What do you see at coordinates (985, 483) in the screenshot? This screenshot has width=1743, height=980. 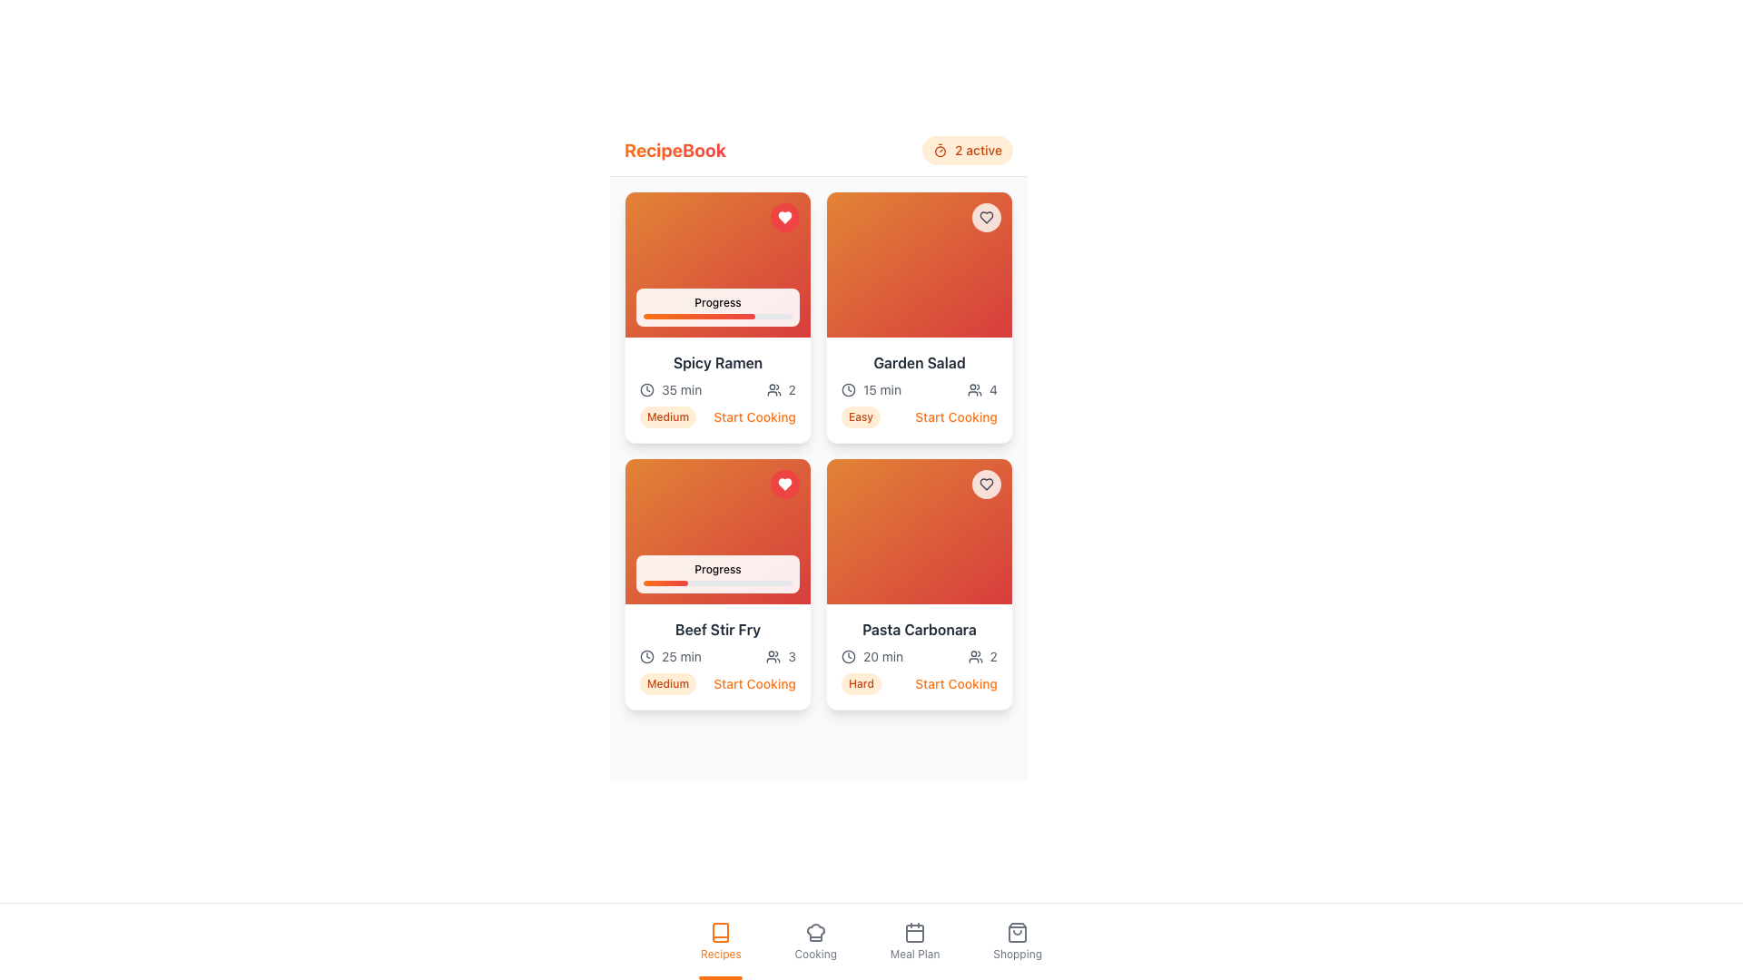 I see `the circular favorite button with a dark heart icon located at the top-right corner of the 'Pasta Carbonara' card` at bounding box center [985, 483].